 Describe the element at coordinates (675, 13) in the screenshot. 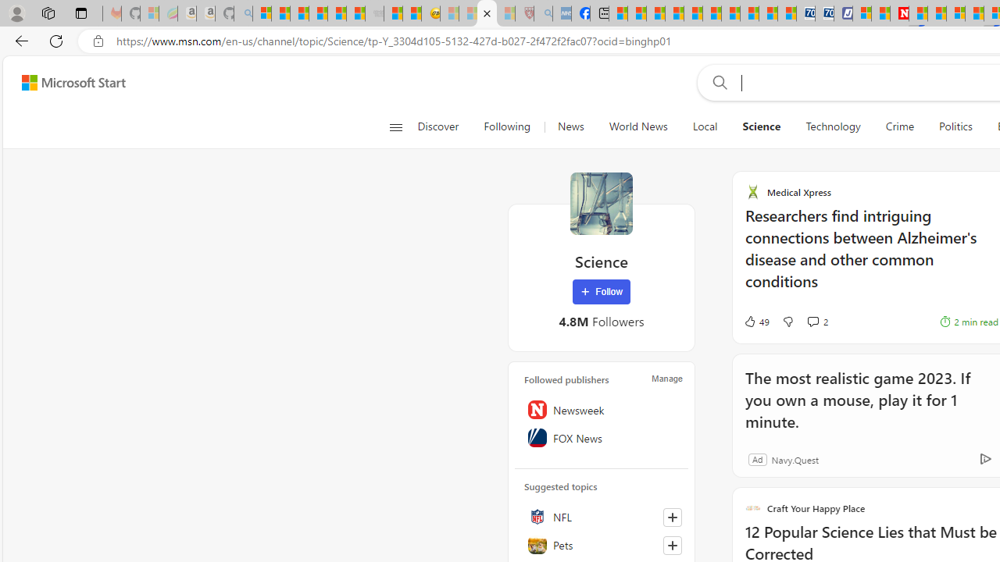

I see `'Climate Damage Becomes Too Severe To Reverse'` at that location.